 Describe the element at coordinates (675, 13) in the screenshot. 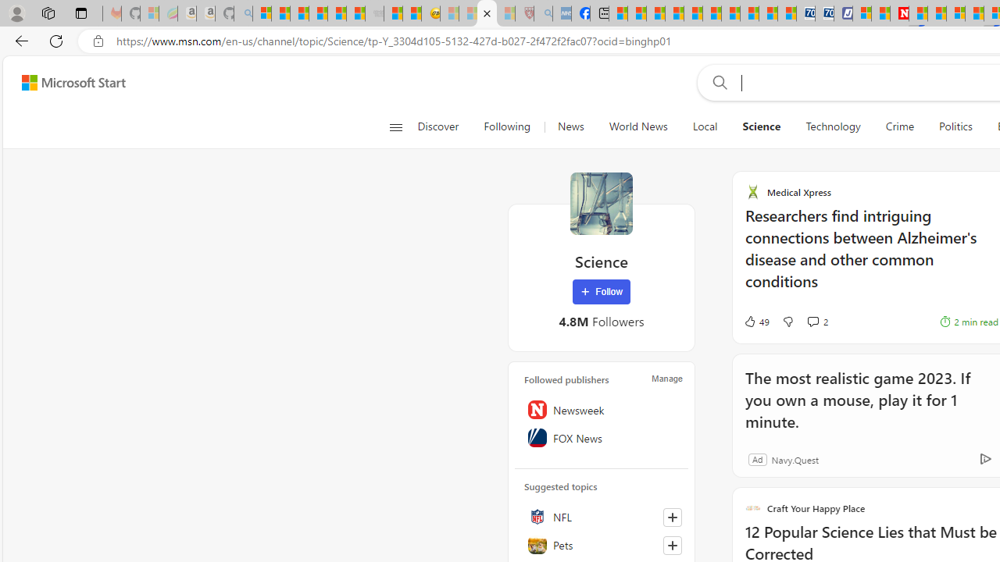

I see `'Climate Damage Becomes Too Severe To Reverse'` at that location.